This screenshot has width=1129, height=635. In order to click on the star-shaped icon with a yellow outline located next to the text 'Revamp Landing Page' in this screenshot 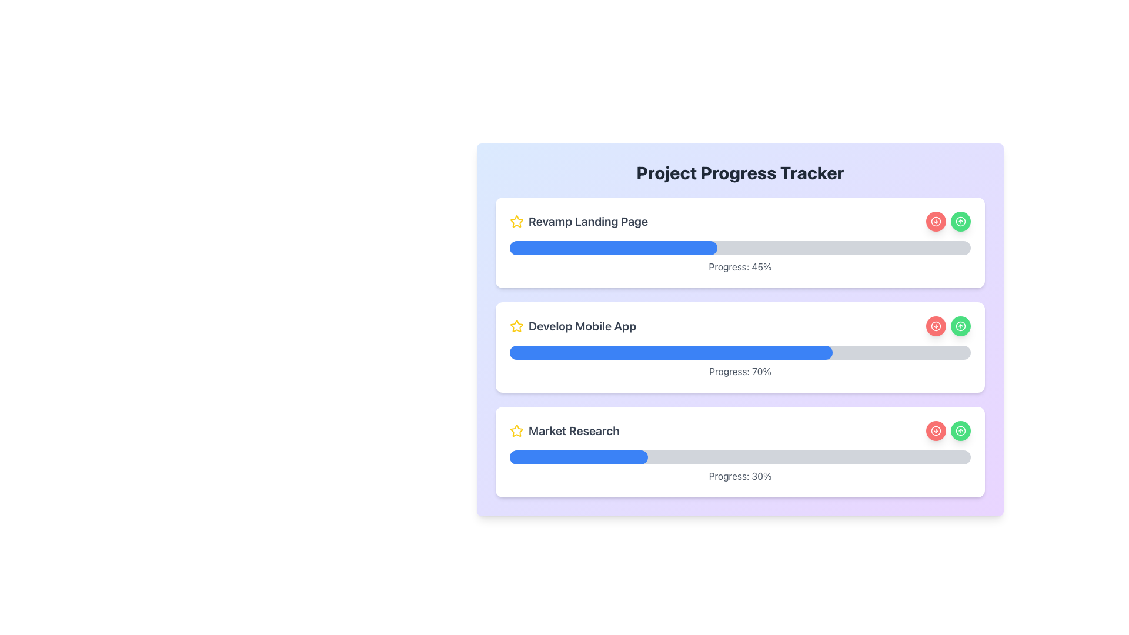, I will do `click(516, 222)`.